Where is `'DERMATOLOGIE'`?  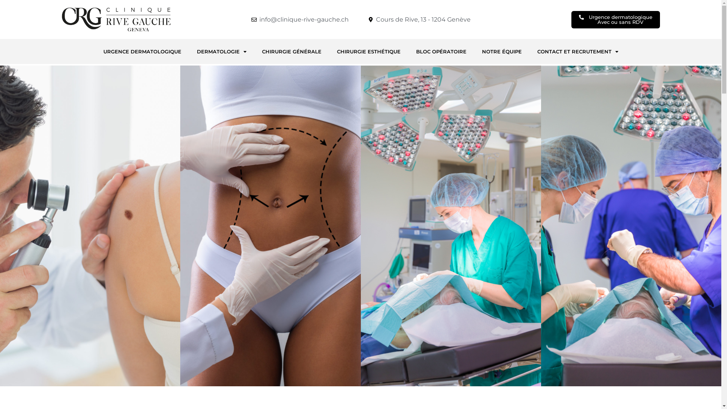 'DERMATOLOGIE' is located at coordinates (189, 51).